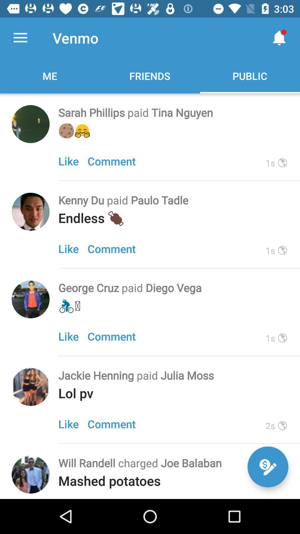 Image resolution: width=300 pixels, height=534 pixels. Describe the element at coordinates (267, 467) in the screenshot. I see `compose a message` at that location.